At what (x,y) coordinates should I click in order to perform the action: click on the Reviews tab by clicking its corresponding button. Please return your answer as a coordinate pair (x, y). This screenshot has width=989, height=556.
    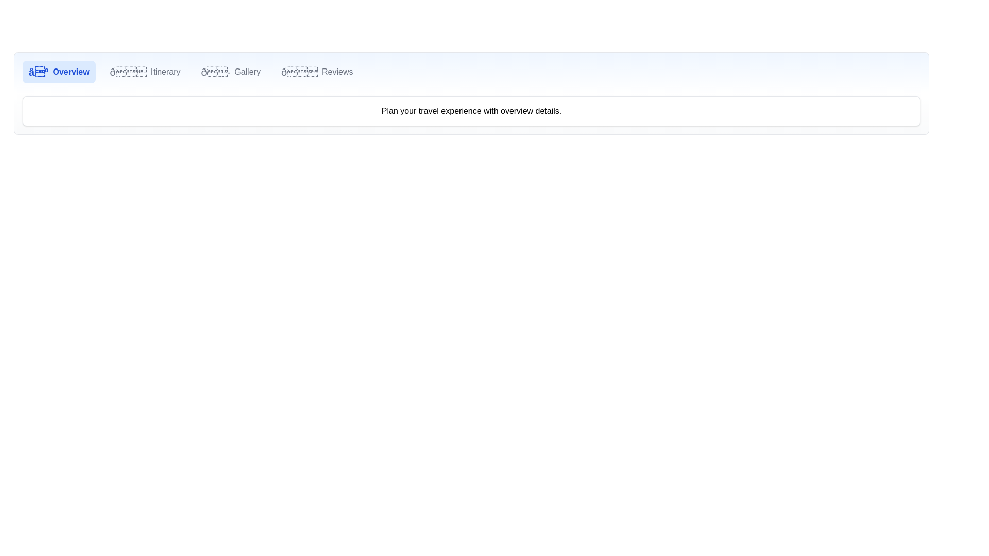
    Looking at the image, I should click on (316, 71).